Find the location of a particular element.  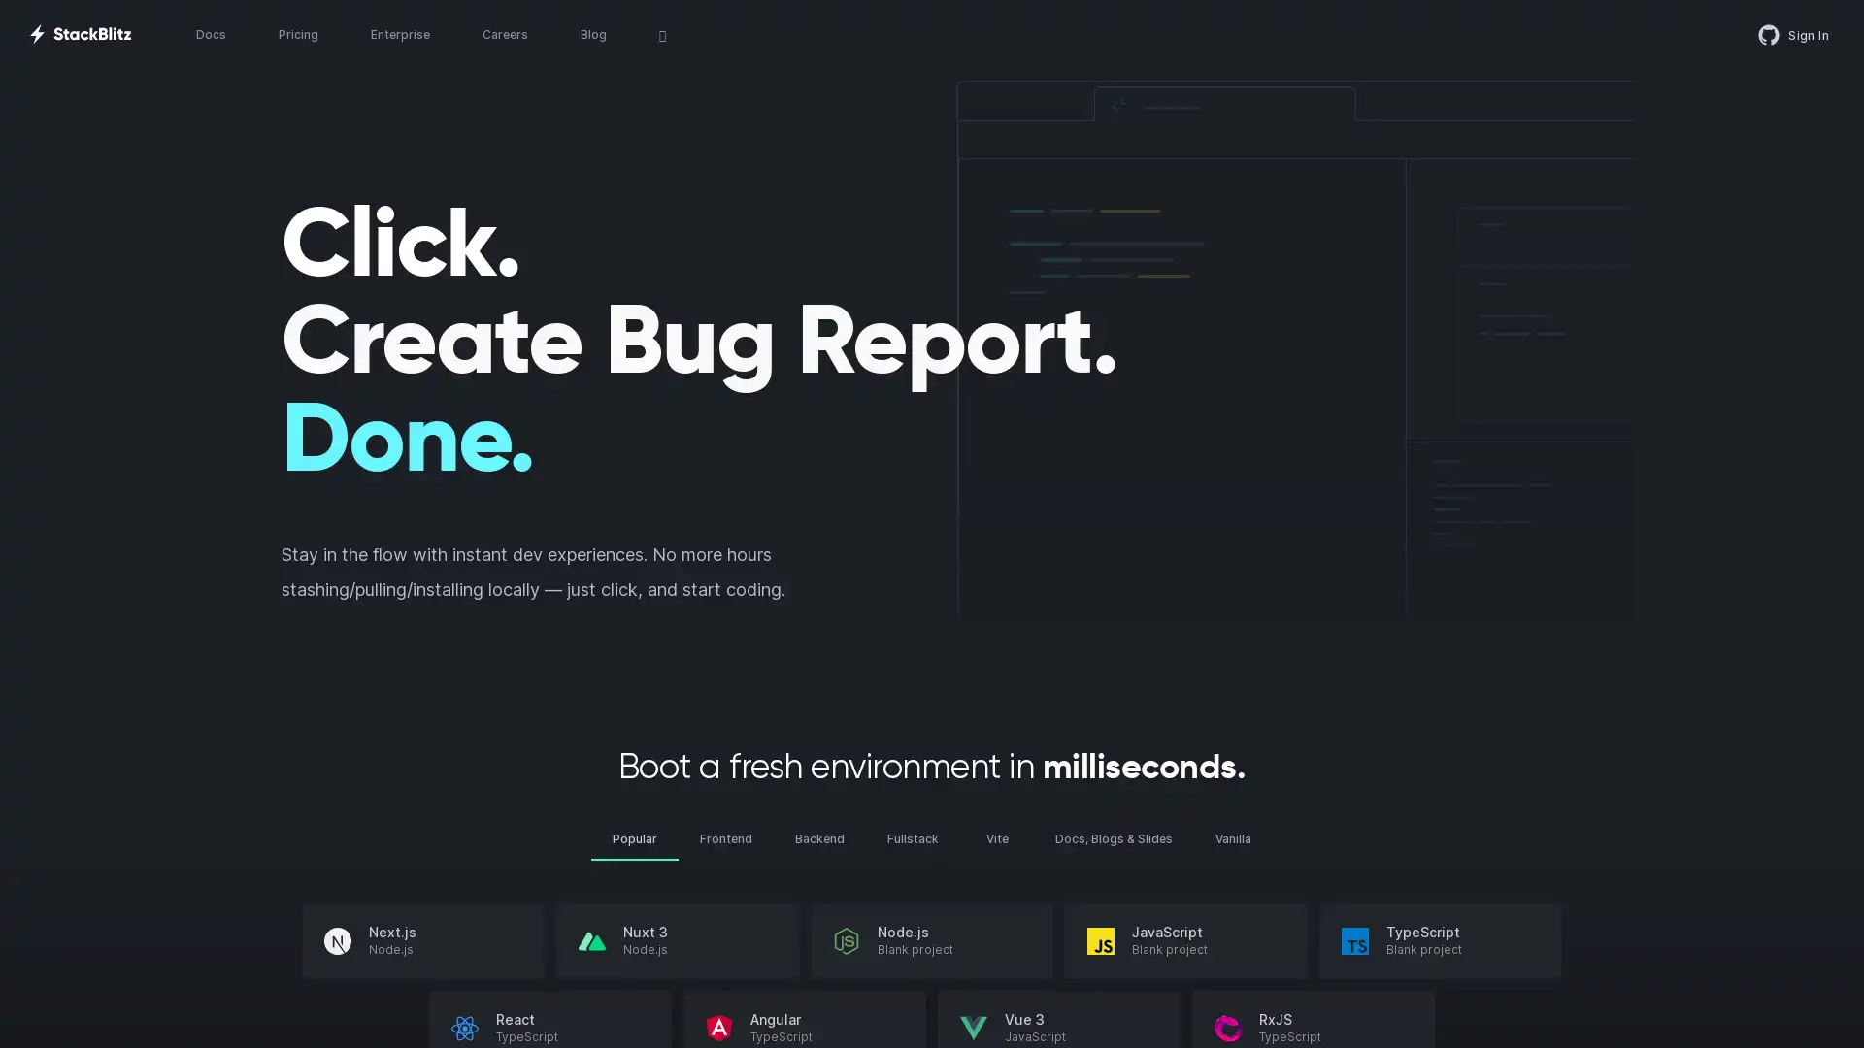

Fullstack is located at coordinates (912, 837).